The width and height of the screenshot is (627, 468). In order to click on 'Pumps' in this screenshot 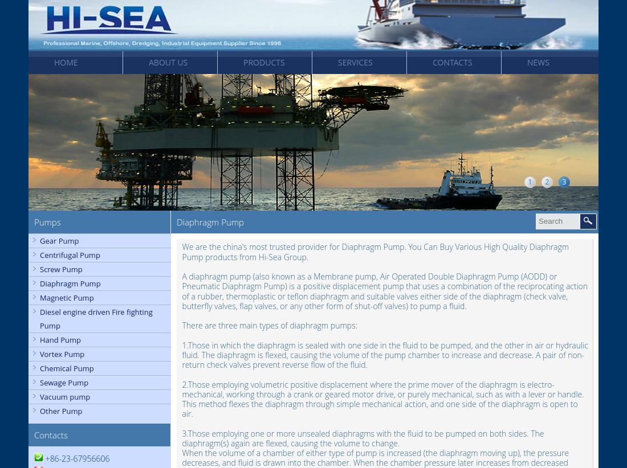, I will do `click(47, 222)`.